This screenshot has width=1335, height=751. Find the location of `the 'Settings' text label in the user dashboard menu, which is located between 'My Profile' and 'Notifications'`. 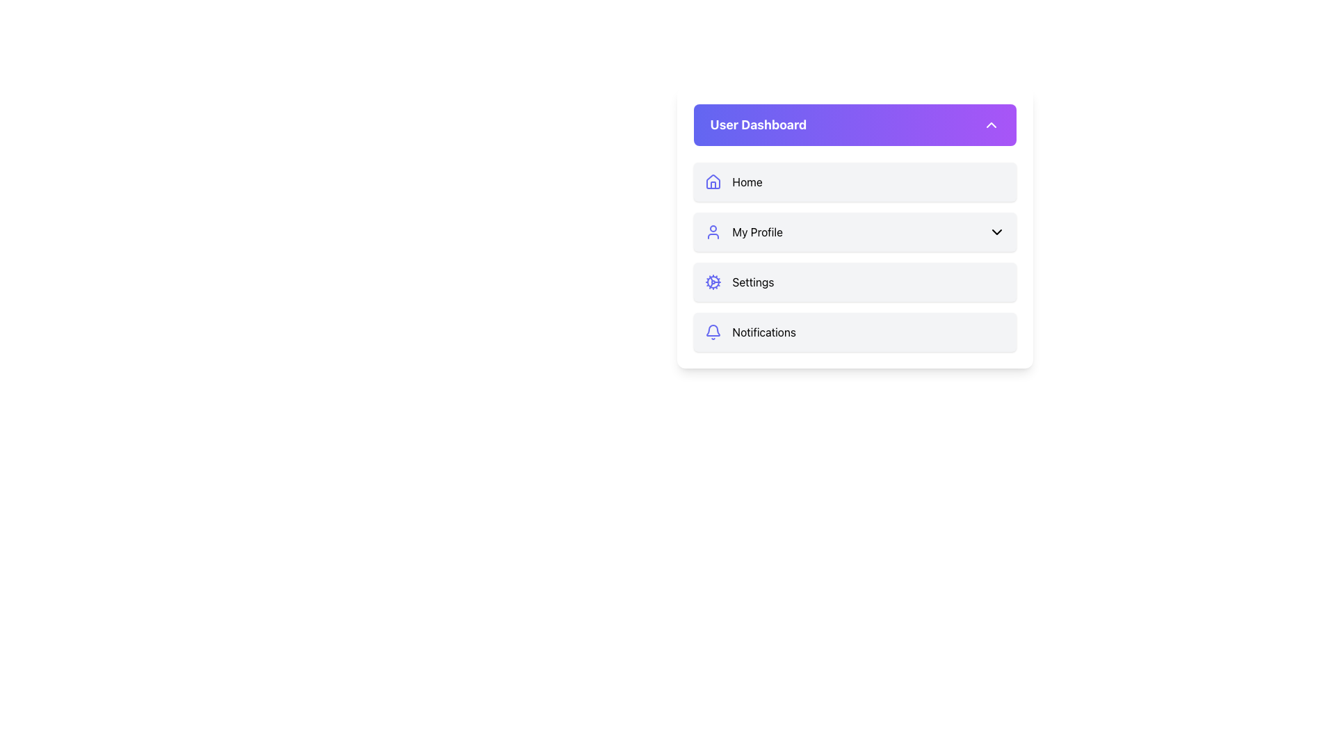

the 'Settings' text label in the user dashboard menu, which is located between 'My Profile' and 'Notifications' is located at coordinates (752, 282).